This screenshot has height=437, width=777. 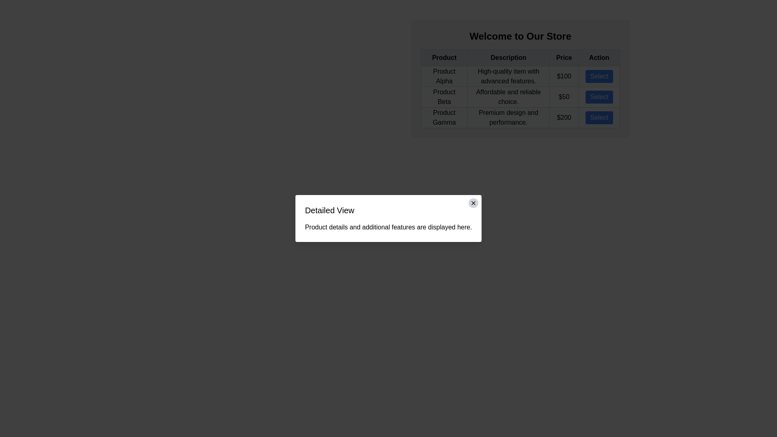 I want to click on the rectangular button with a blue background and white text labeled 'Select' located in the 'Action' column of the 'Product Gamma' row in the table, so click(x=599, y=117).